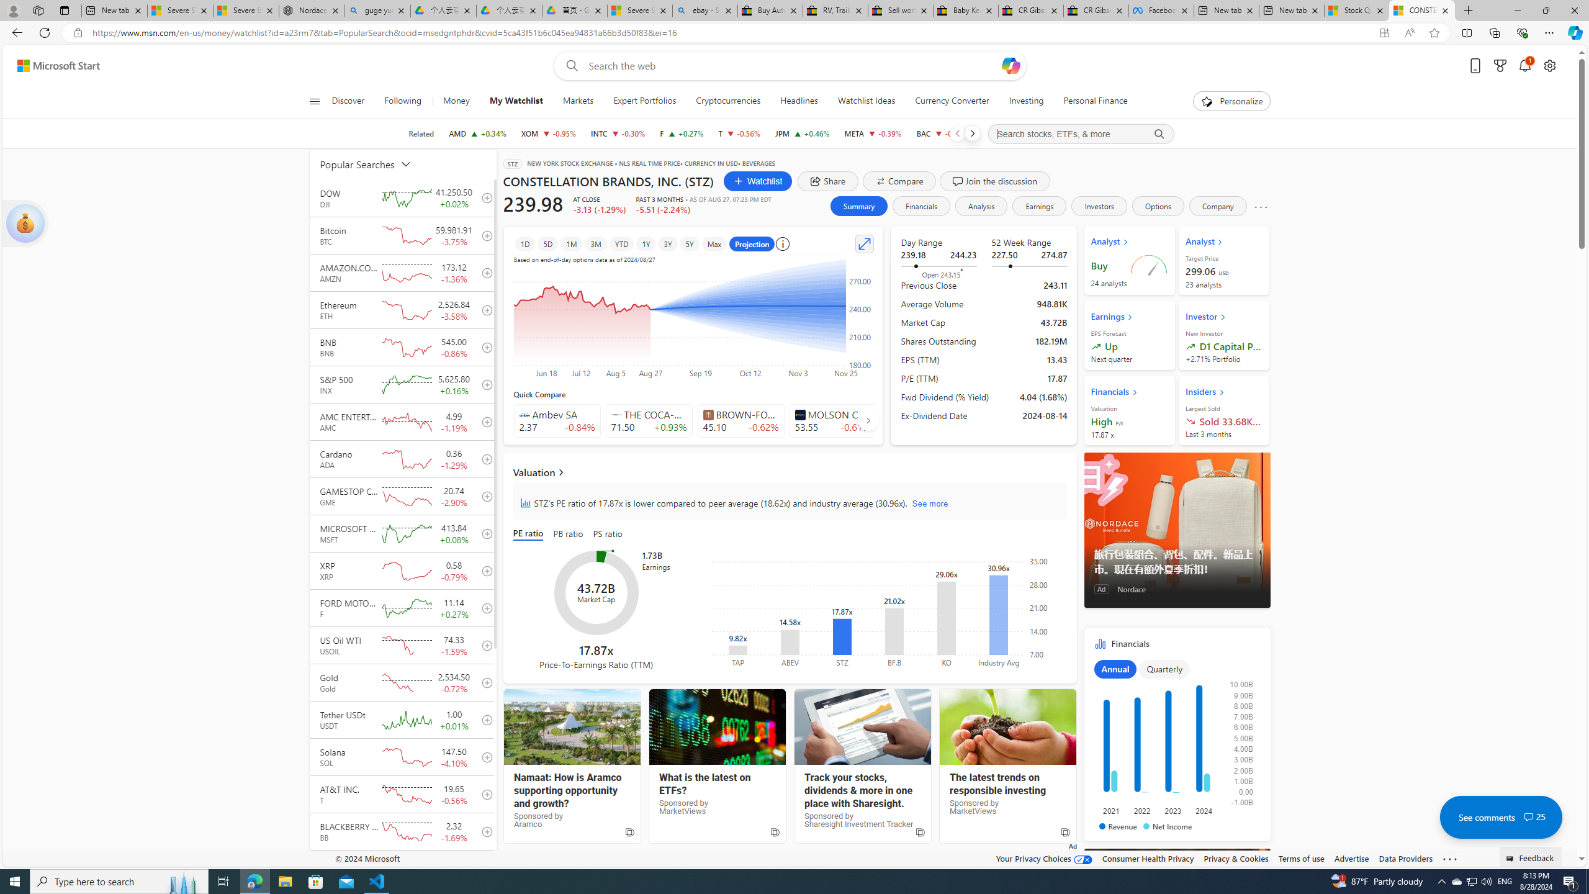  Describe the element at coordinates (866, 101) in the screenshot. I see `'Watchlist Ideas'` at that location.